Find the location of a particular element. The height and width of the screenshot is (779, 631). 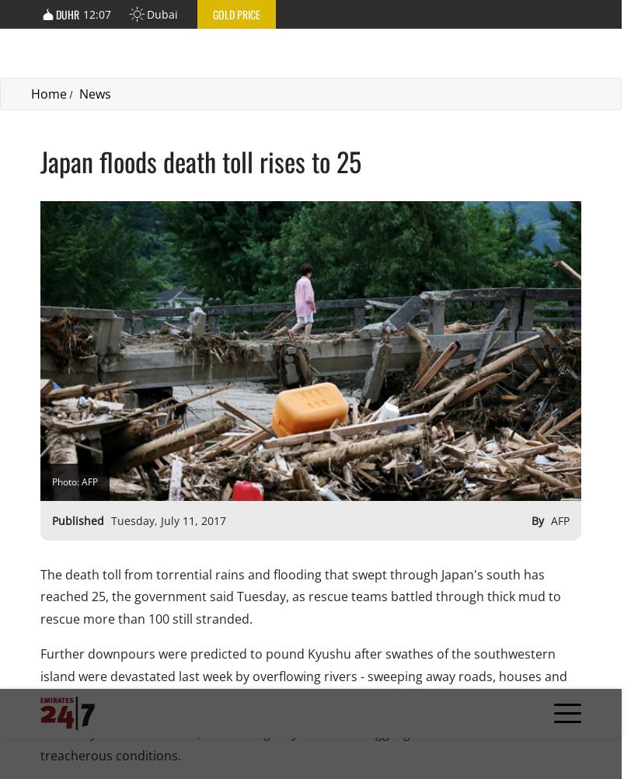

'Contact Us' is located at coordinates (159, 746).